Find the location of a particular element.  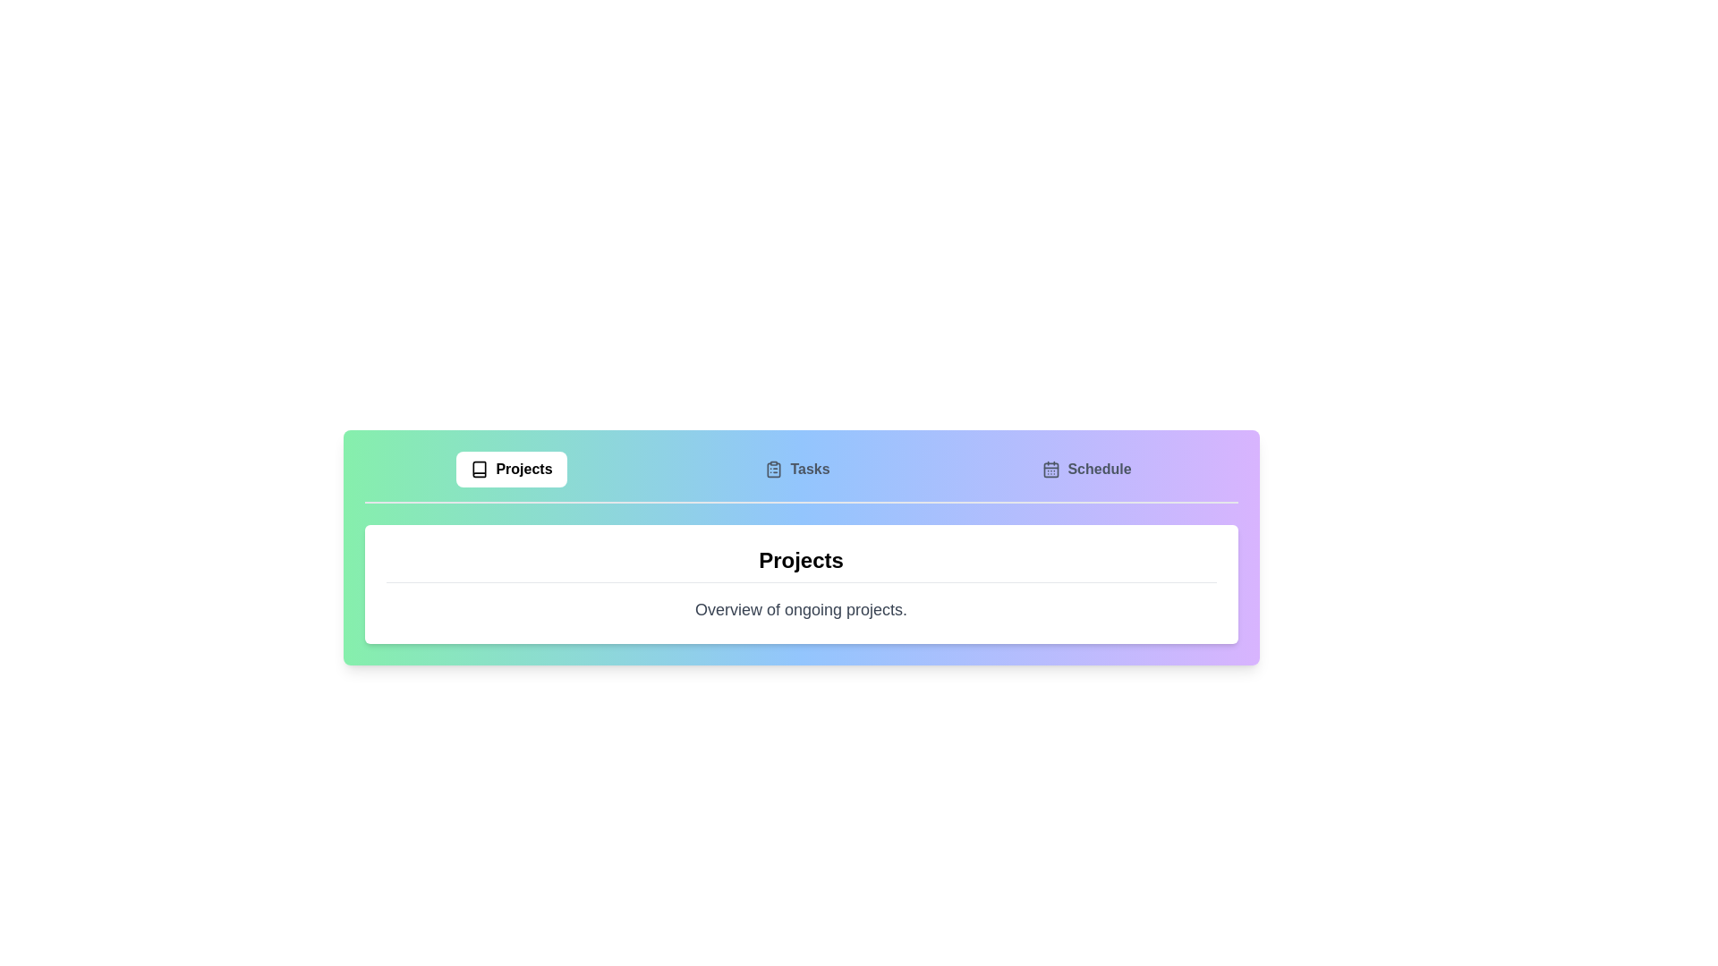

the Schedule tab by clicking on its corresponding button is located at coordinates (1085, 468).